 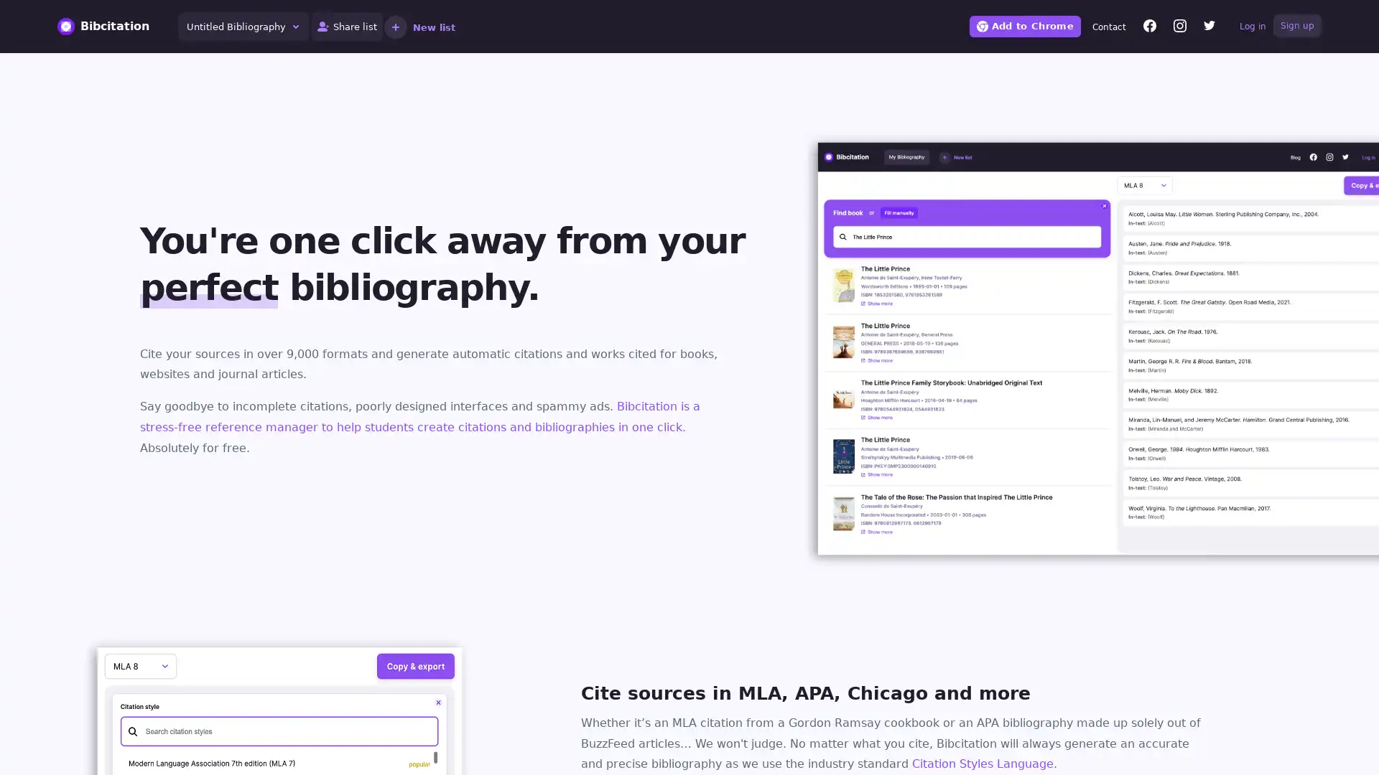 I want to click on New list, so click(x=419, y=27).